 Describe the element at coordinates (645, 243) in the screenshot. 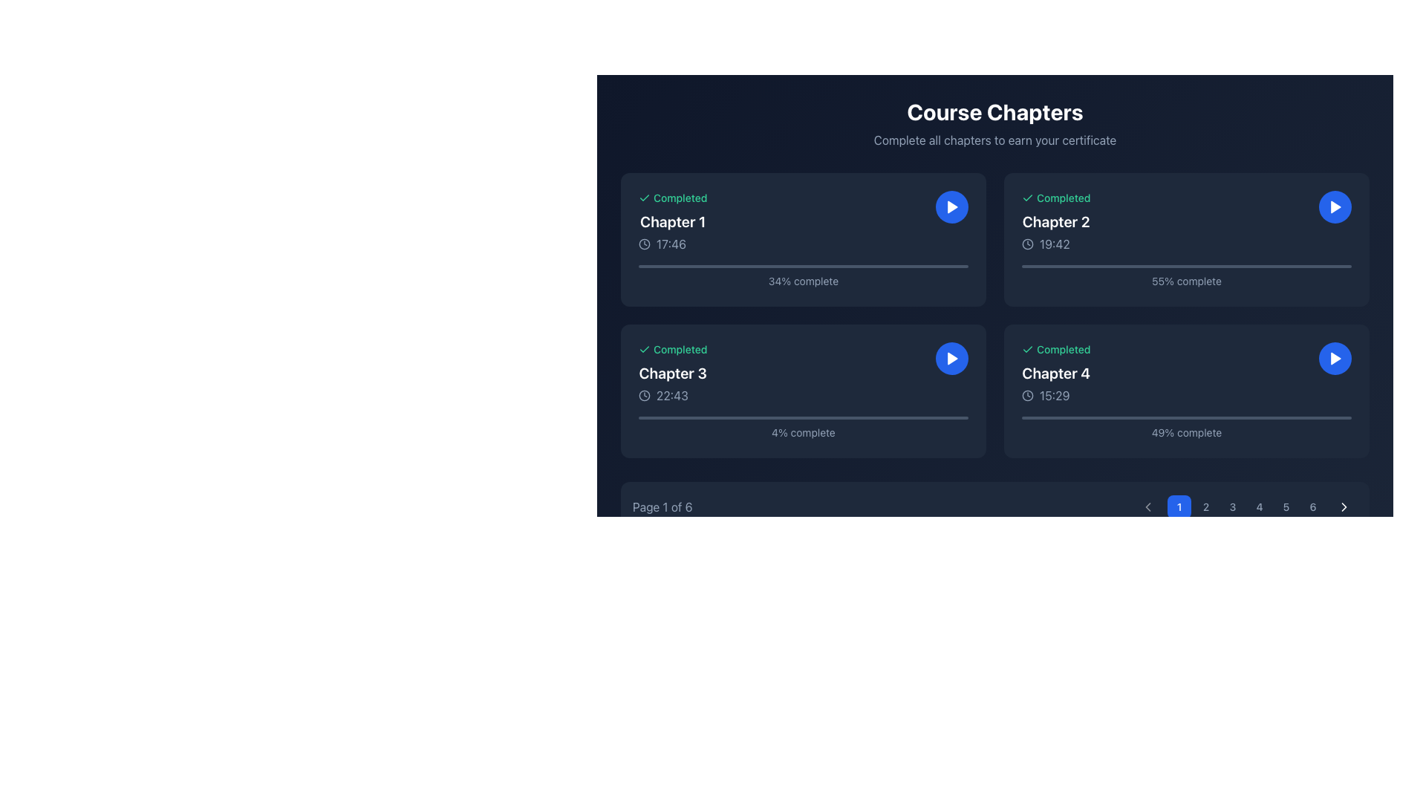

I see `the time icon located to the left of the timestamp '17:46' in the first chapter card under 'Course Chapters'` at that location.